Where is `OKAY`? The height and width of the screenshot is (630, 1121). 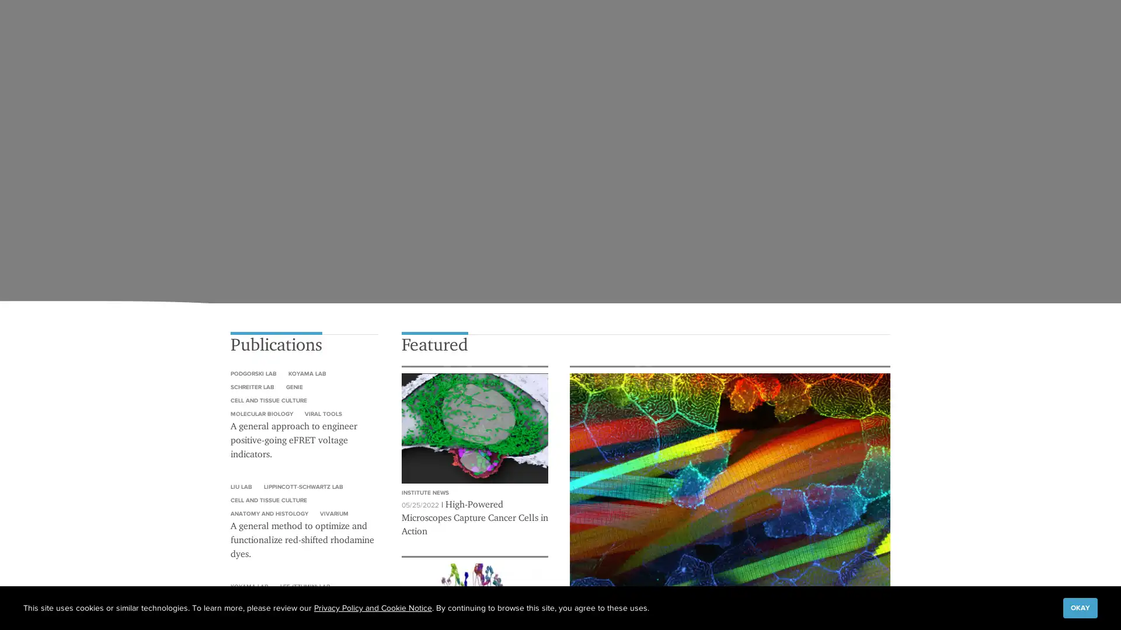
OKAY is located at coordinates (1080, 607).